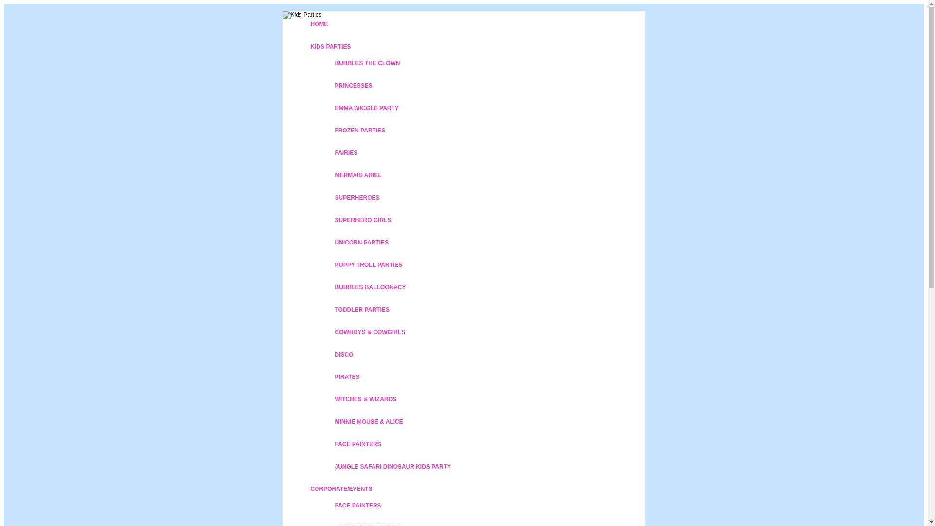 Image resolution: width=935 pixels, height=526 pixels. Describe the element at coordinates (368, 421) in the screenshot. I see `'MINNIE MOUSE & ALICE'` at that location.